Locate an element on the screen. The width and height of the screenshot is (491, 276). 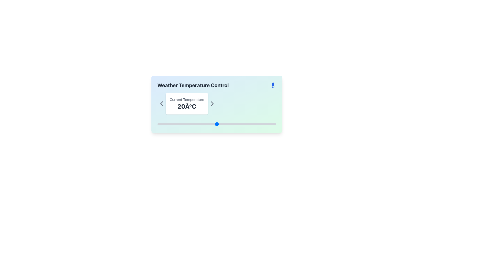
the chevron icon located near the left-middle part of the UI is located at coordinates (161, 103).